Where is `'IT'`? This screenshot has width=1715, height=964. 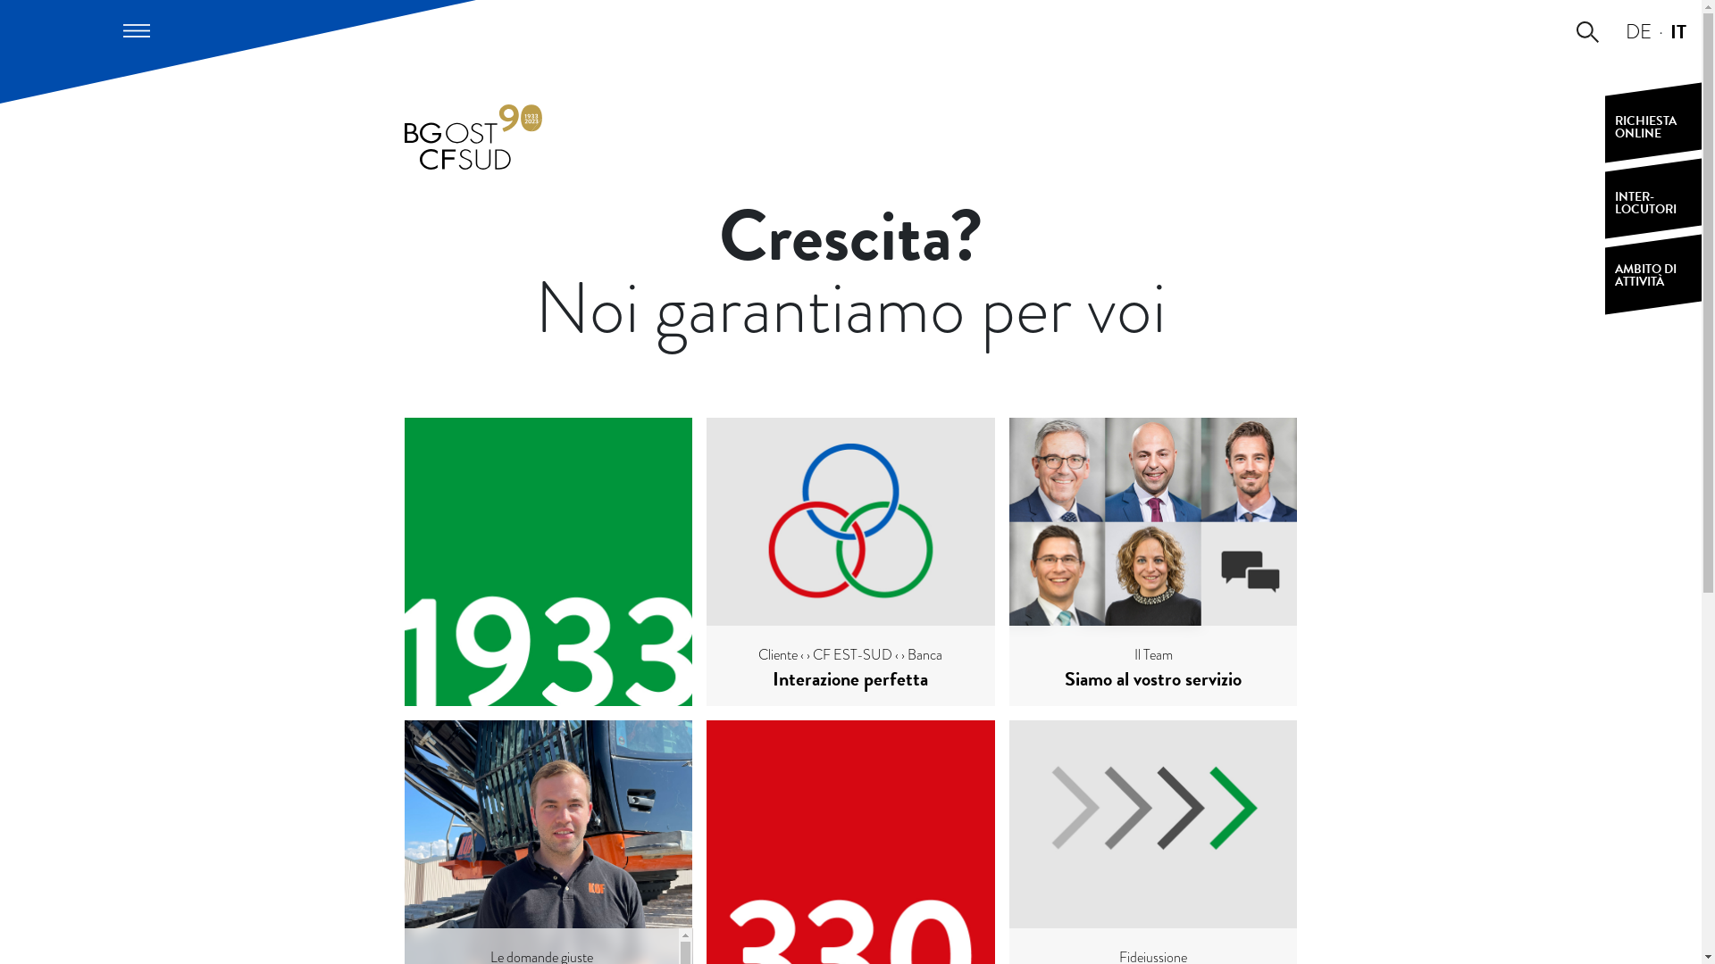 'IT' is located at coordinates (1677, 30).